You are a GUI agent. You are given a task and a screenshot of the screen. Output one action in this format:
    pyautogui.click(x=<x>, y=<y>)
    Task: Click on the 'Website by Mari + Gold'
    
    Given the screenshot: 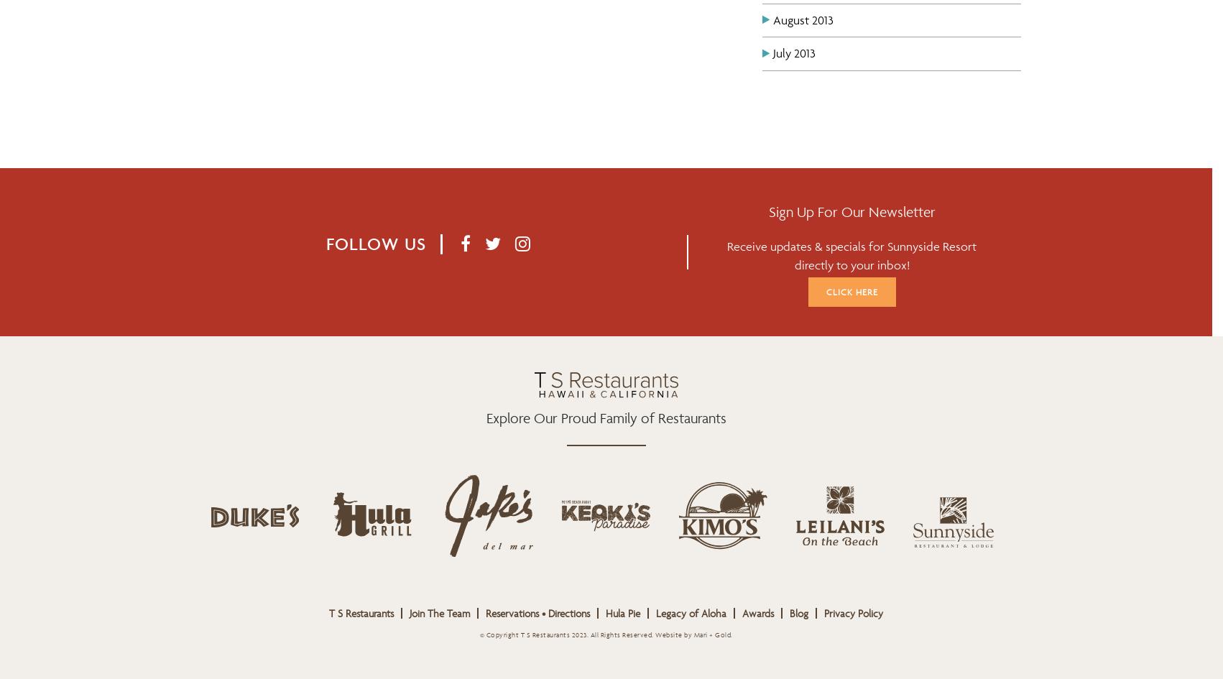 What is the action you would take?
    pyautogui.click(x=693, y=634)
    